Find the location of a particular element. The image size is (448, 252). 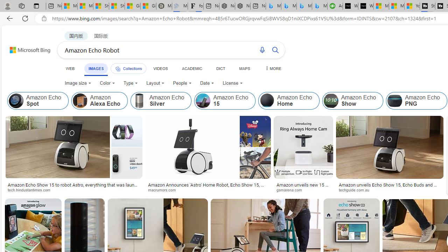

'WEB' is located at coordinates (70, 68).